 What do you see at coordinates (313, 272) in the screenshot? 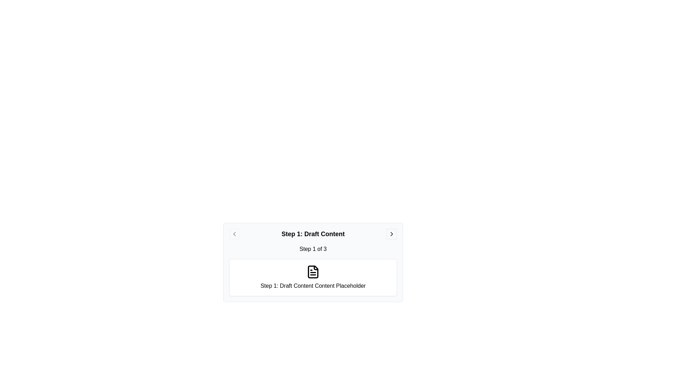
I see `the icon to inspect it` at bounding box center [313, 272].